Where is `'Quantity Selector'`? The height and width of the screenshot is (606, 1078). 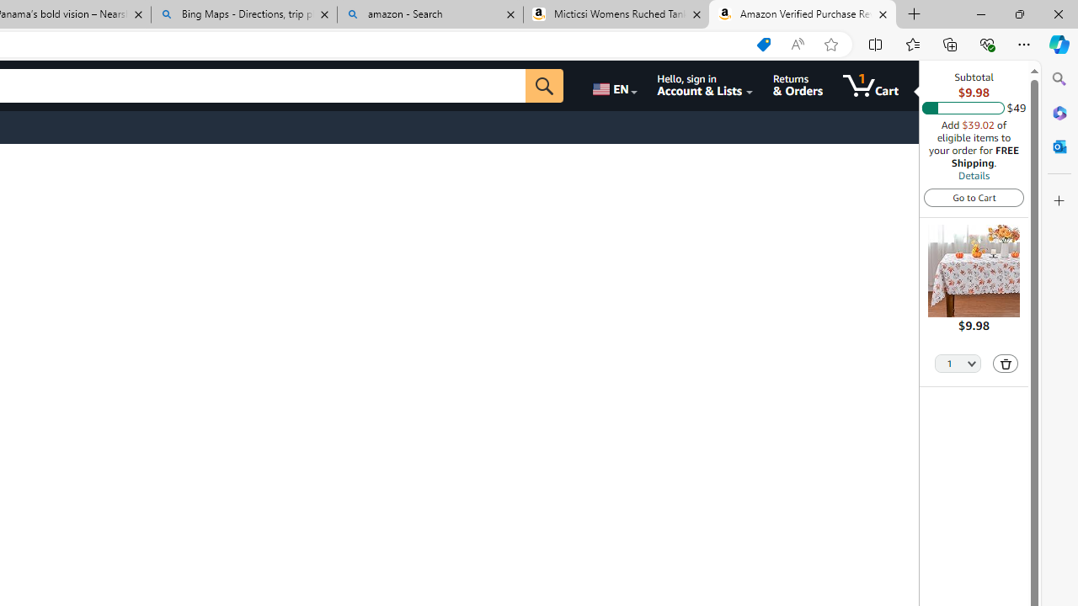
'Quantity Selector' is located at coordinates (958, 361).